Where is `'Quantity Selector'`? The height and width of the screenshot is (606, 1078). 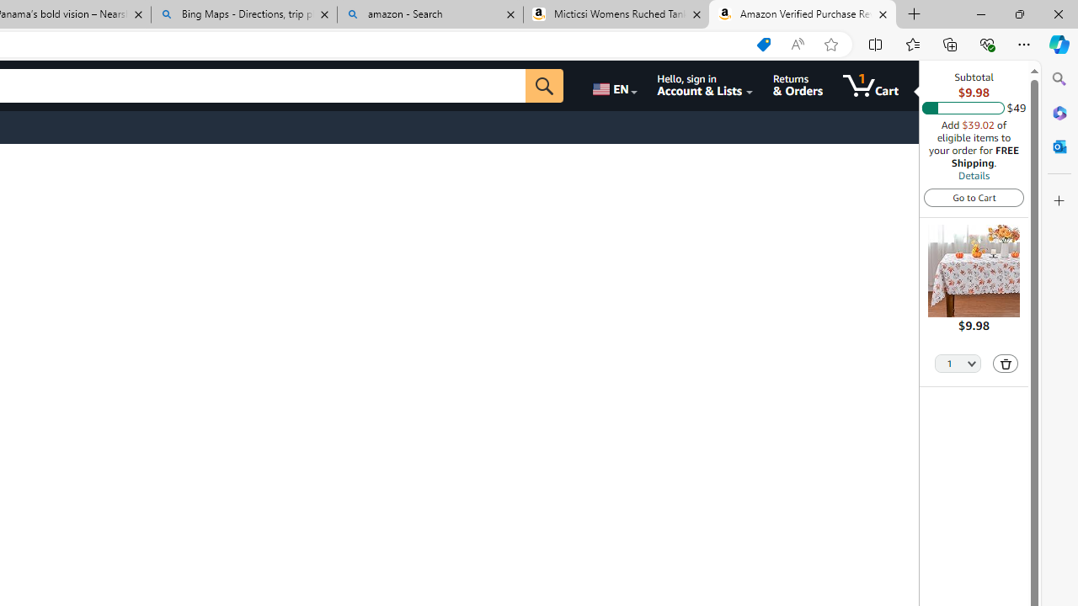
'Quantity Selector' is located at coordinates (958, 361).